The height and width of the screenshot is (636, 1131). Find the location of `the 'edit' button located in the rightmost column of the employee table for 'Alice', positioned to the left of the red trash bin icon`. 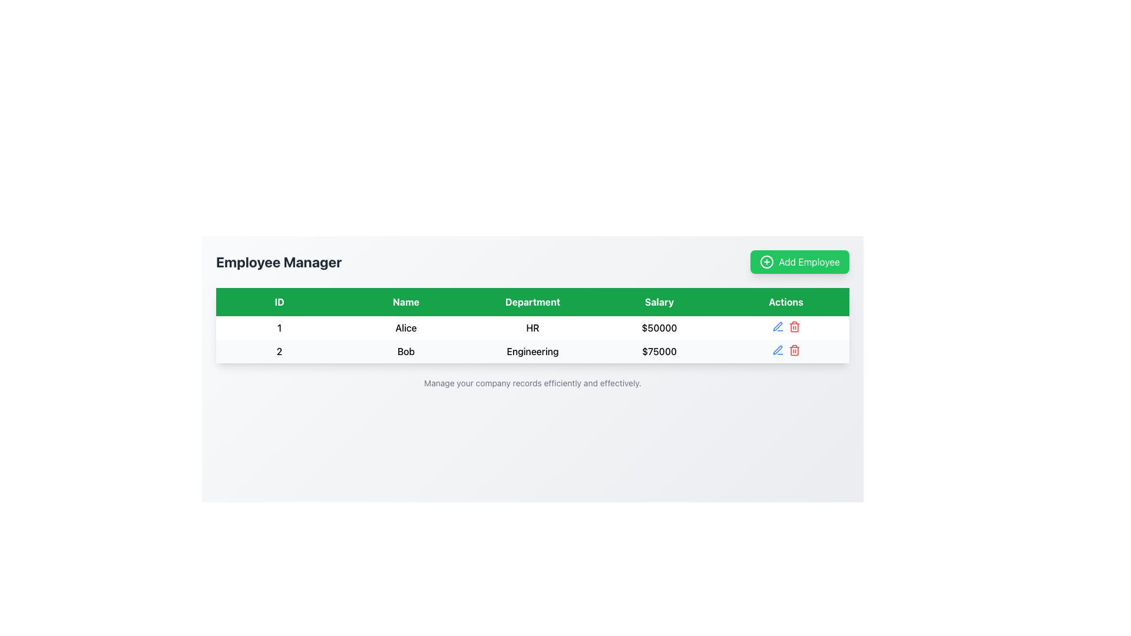

the 'edit' button located in the rightmost column of the employee table for 'Alice', positioned to the left of the red trash bin icon is located at coordinates (778, 349).